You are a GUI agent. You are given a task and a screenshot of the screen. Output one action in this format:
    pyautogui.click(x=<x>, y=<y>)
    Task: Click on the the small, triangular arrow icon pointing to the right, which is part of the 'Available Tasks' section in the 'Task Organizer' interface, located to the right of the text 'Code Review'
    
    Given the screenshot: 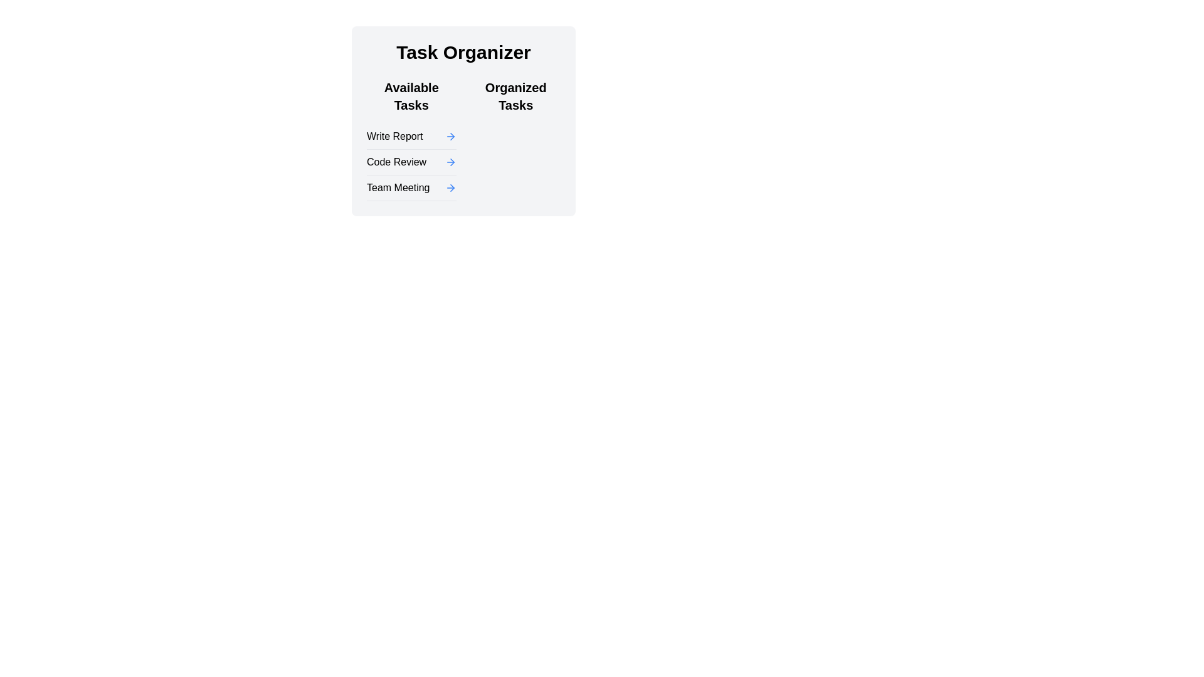 What is the action you would take?
    pyautogui.click(x=451, y=188)
    